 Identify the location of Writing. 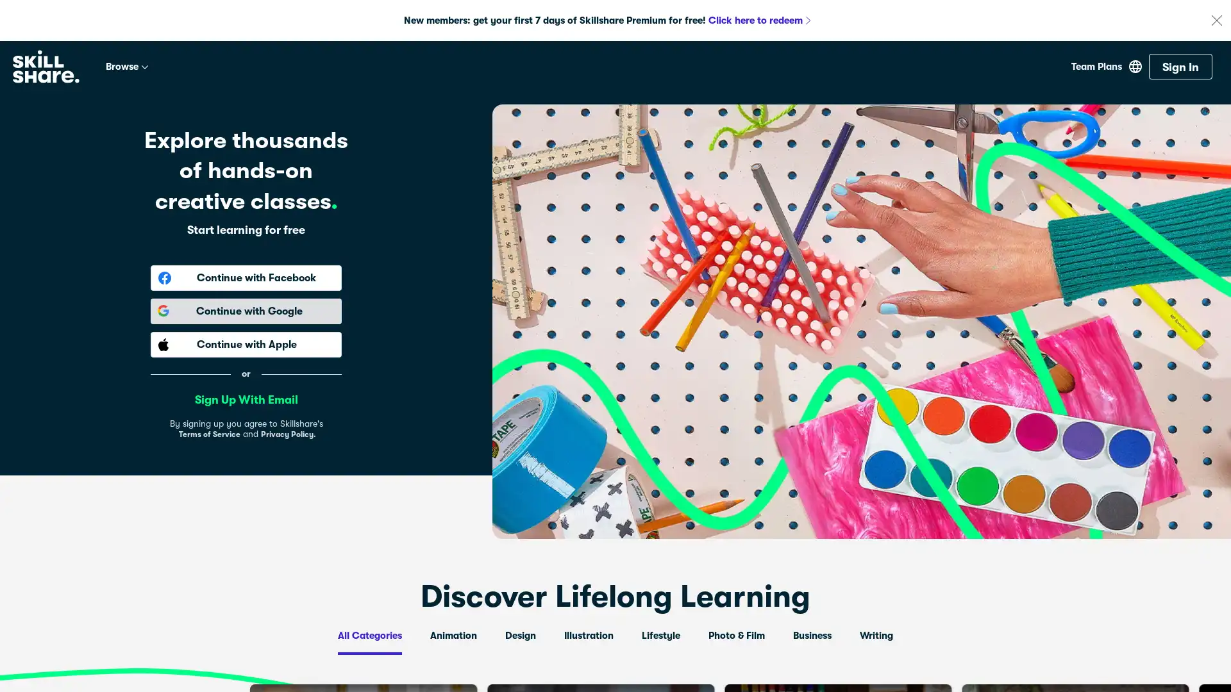
(876, 639).